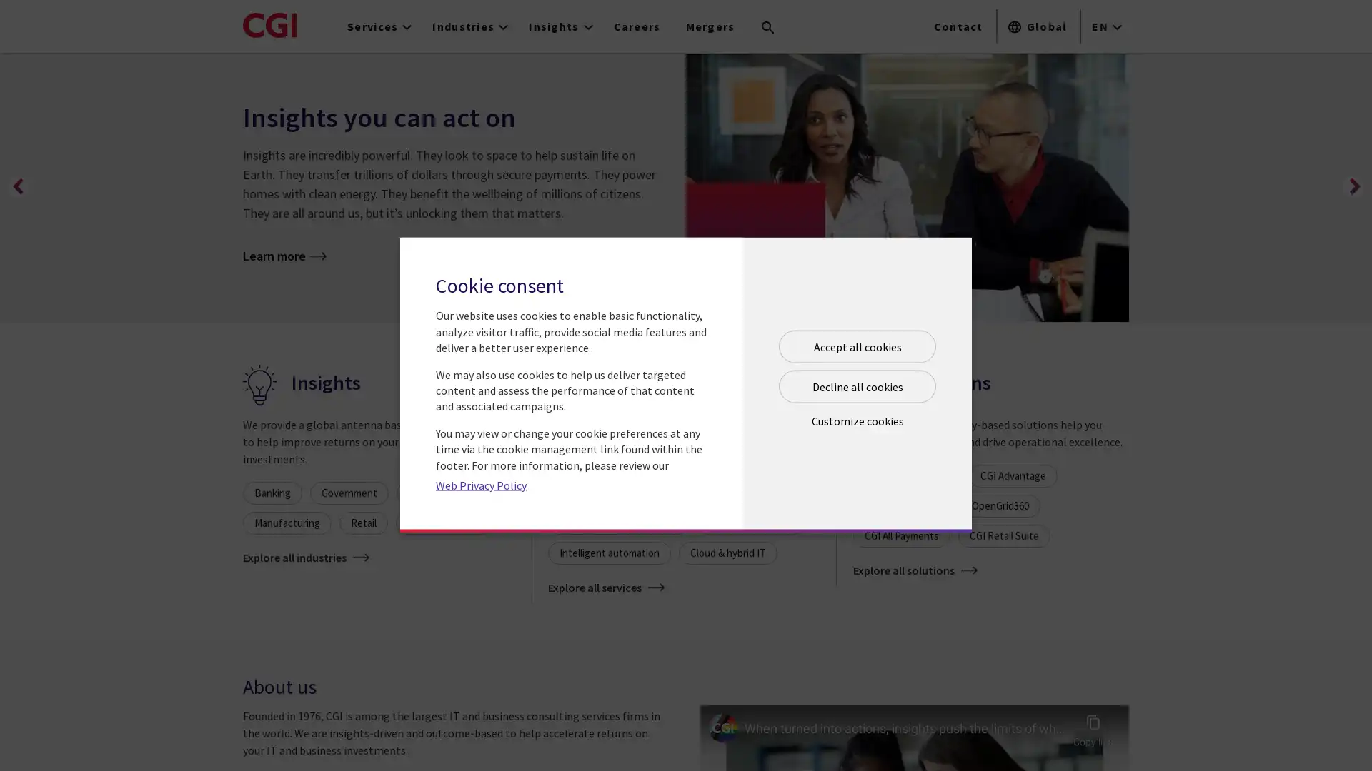 The height and width of the screenshot is (771, 1372). I want to click on Accept all cookies, so click(857, 346).